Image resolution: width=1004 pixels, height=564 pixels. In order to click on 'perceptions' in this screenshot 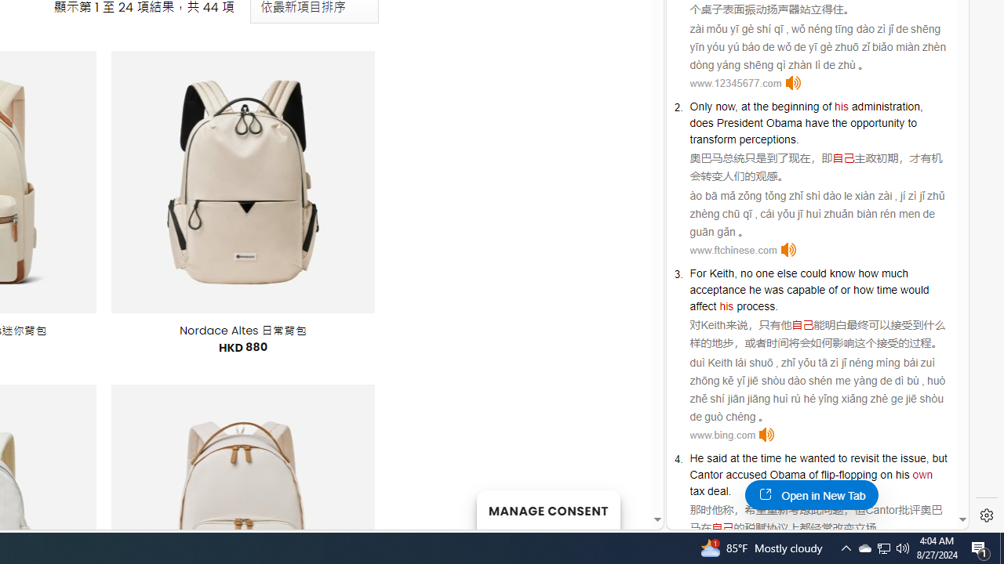, I will do `click(767, 138)`.